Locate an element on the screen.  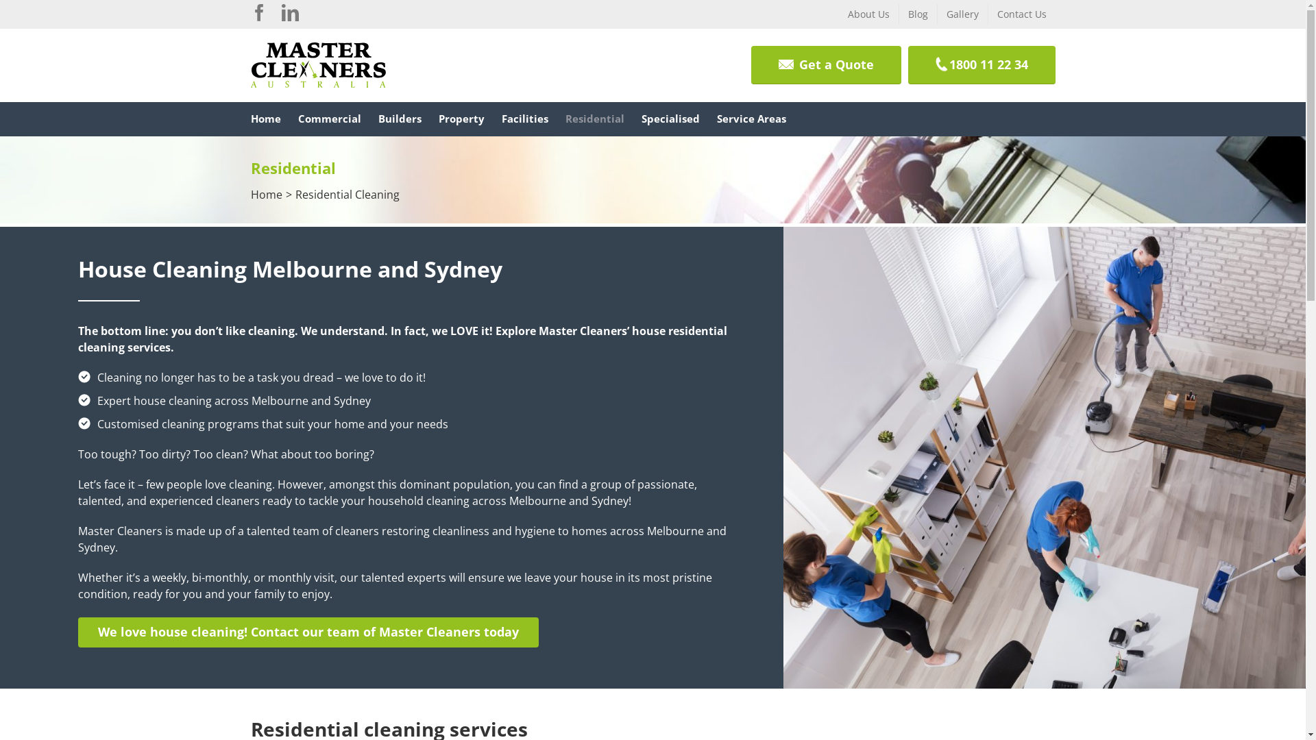
'Property' is located at coordinates (461, 118).